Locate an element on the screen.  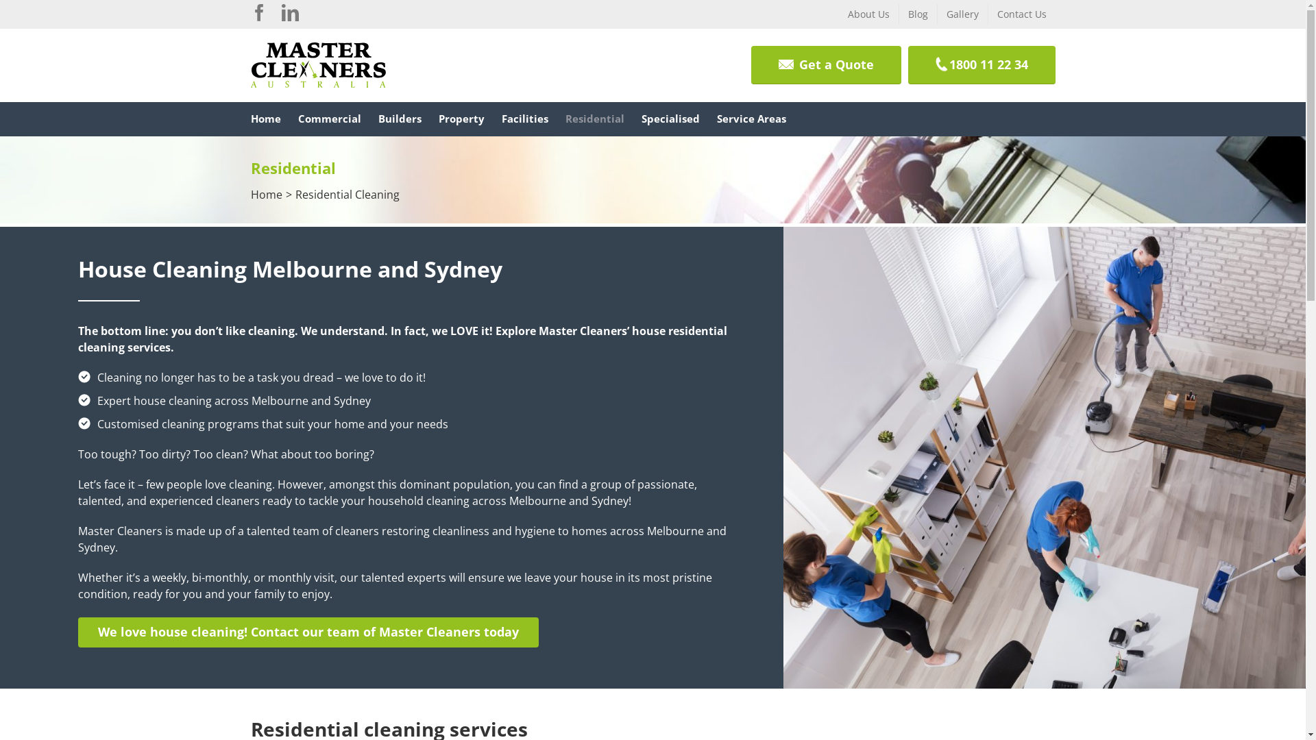
'Property' is located at coordinates (461, 118).